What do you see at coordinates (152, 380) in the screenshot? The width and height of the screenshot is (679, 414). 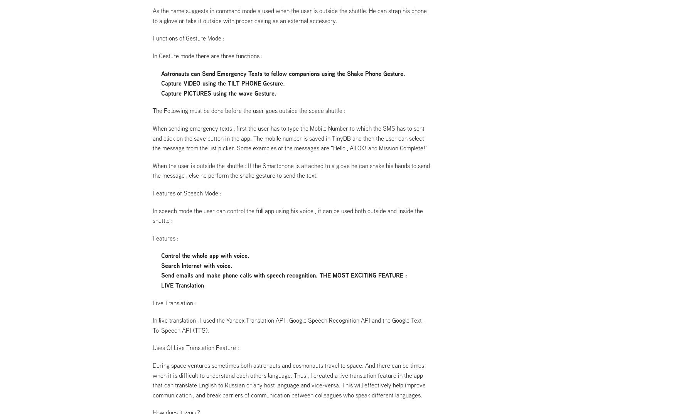 I see `'During space ventures sometimes both astronauts and cosmonauts travel to space. And there can be times when it is difficult to understand each others language.
Thus , I created a live translation feature in the app that can translate English to Russian or any host language and vice-versa.
This will effectively help improve communication , and break barriers of communication between colleagues who speak different languages.'` at bounding box center [152, 380].